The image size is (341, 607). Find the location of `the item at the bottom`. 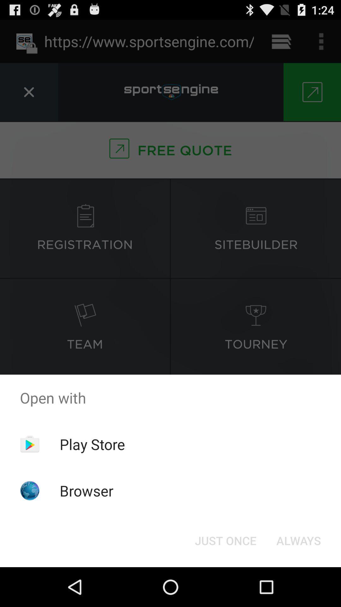

the item at the bottom is located at coordinates (225, 540).